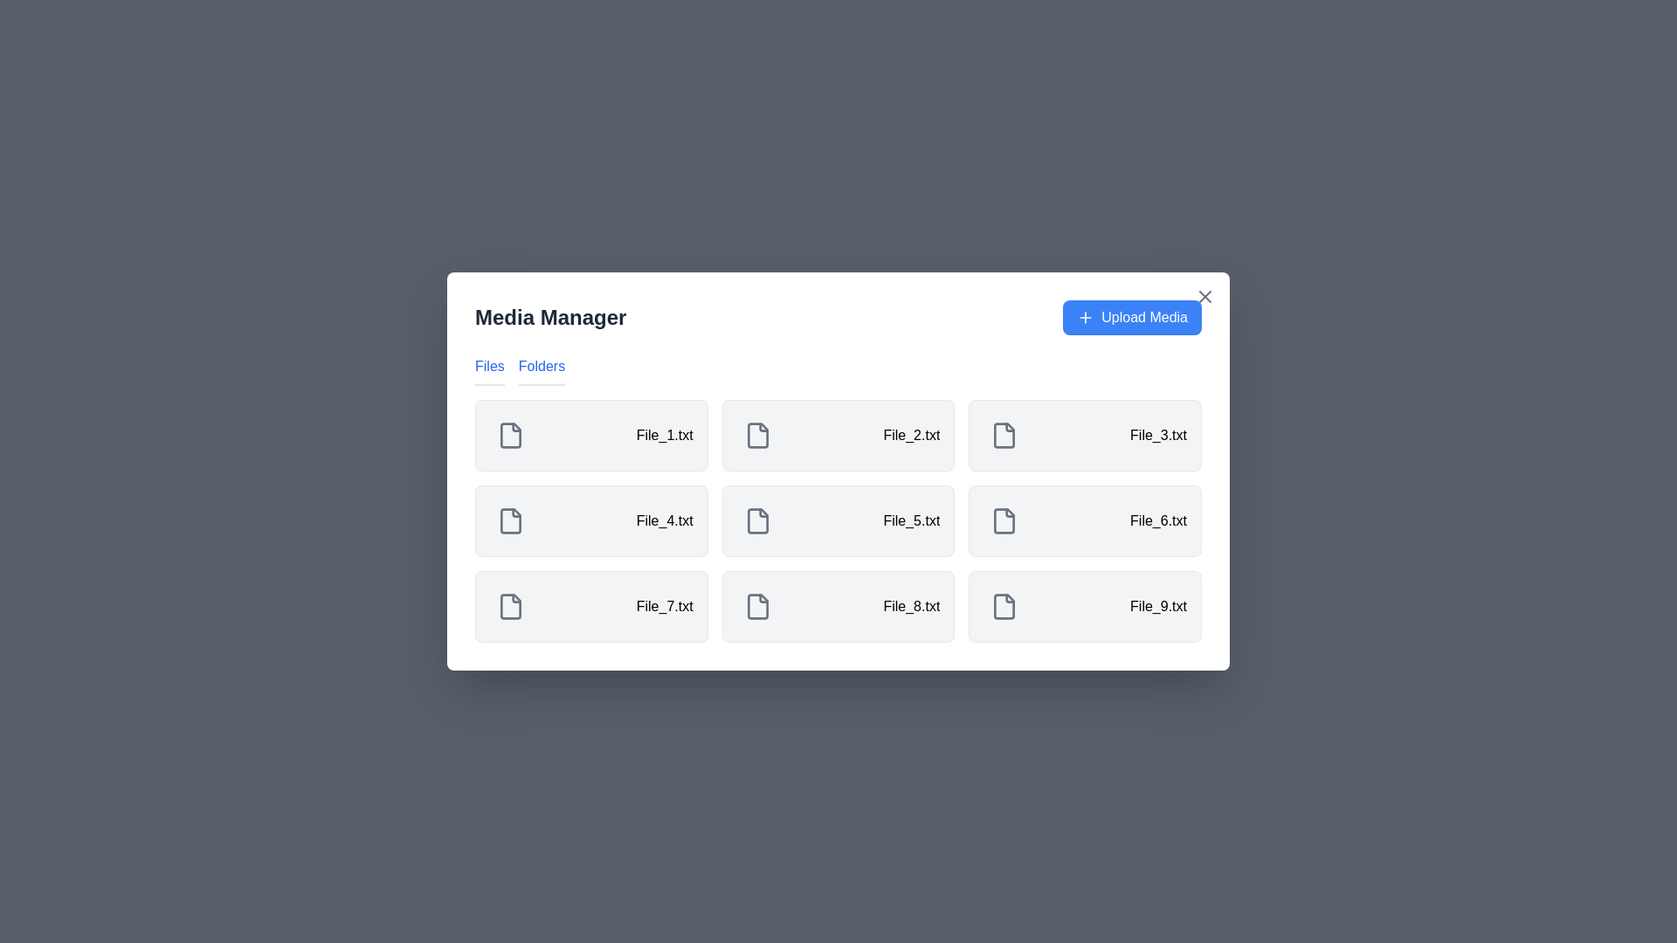  What do you see at coordinates (510, 605) in the screenshot?
I see `the 'File_7.txt' icon in the Media Manager interface` at bounding box center [510, 605].